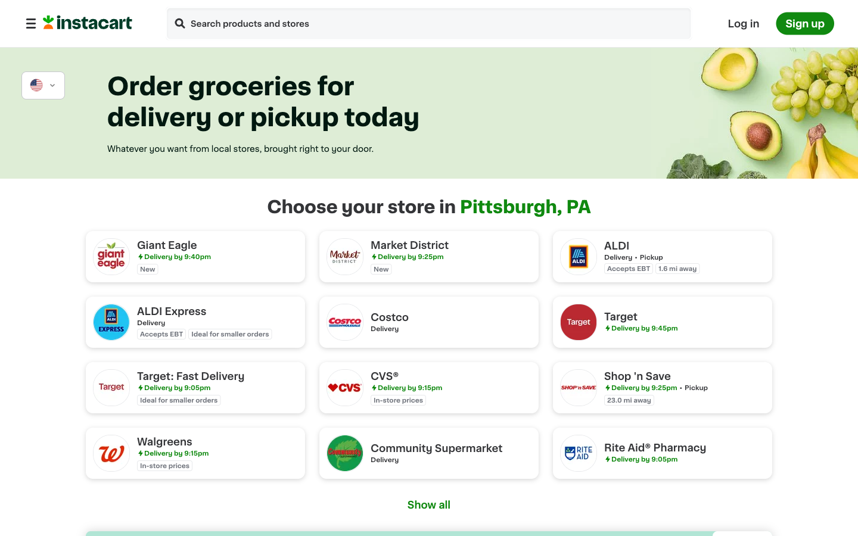  I want to click on Search for a Table Lamp on website, so click(179, 24).